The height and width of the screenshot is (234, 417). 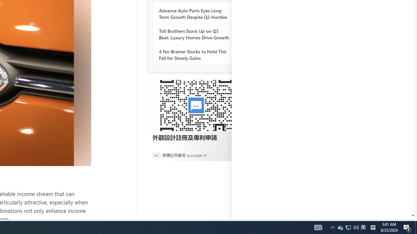 What do you see at coordinates (194, 34) in the screenshot?
I see `'Toll Brothers Stock Up on Q3 Beat: Luxury Homes Drive Growth'` at bounding box center [194, 34].